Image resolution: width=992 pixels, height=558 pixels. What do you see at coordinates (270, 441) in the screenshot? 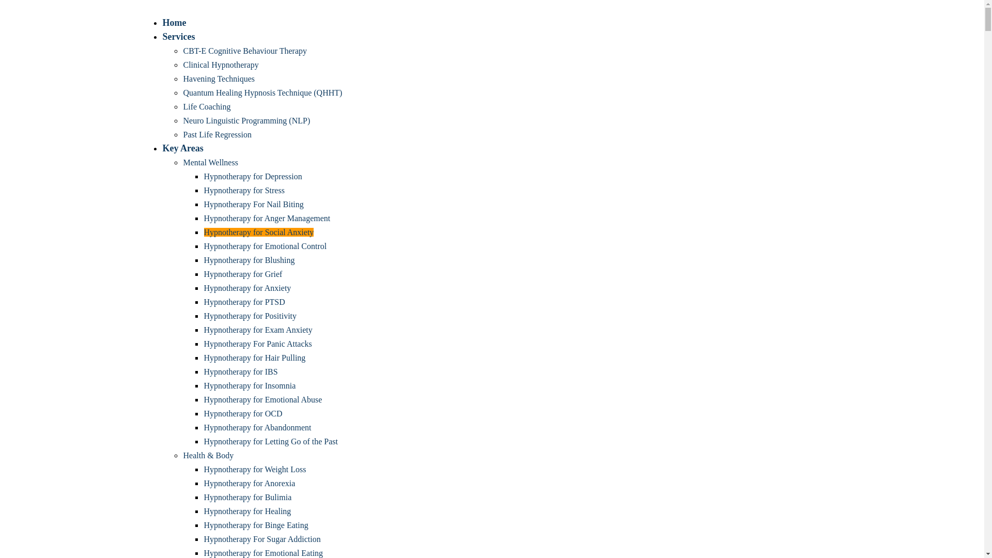
I see `'Hypnotherapy for Letting Go of the Past'` at bounding box center [270, 441].